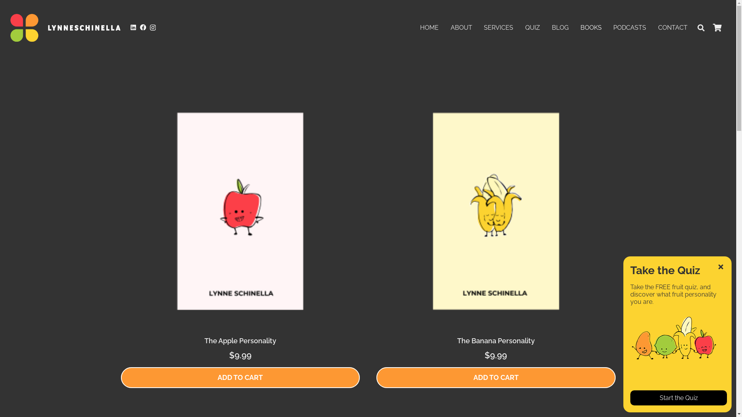 This screenshot has width=742, height=417. What do you see at coordinates (532, 27) in the screenshot?
I see `'QUIZ'` at bounding box center [532, 27].